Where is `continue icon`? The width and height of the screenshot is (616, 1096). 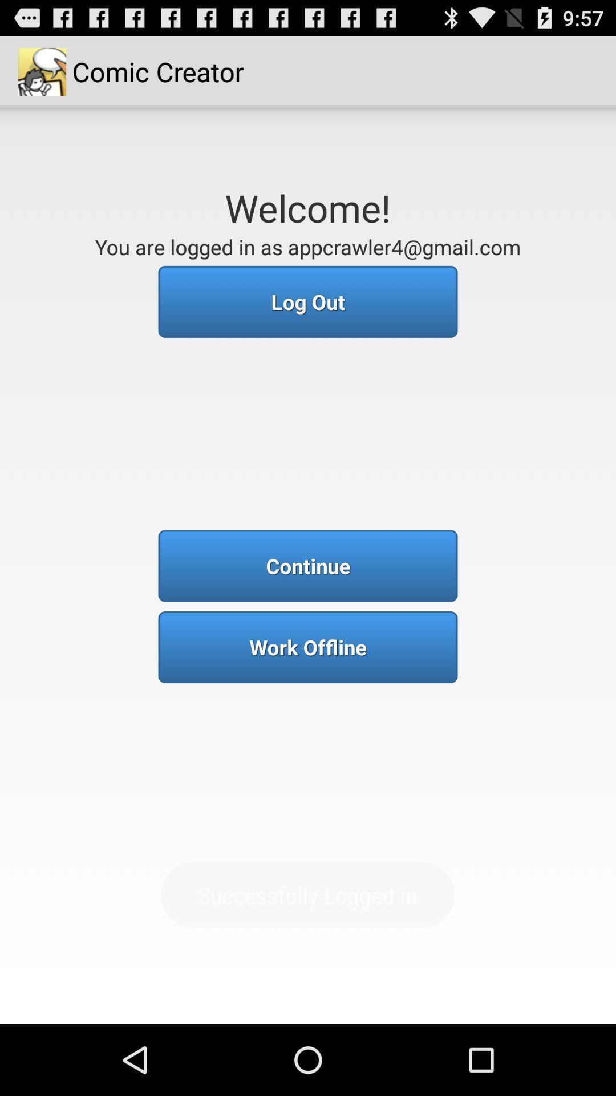 continue icon is located at coordinates (308, 566).